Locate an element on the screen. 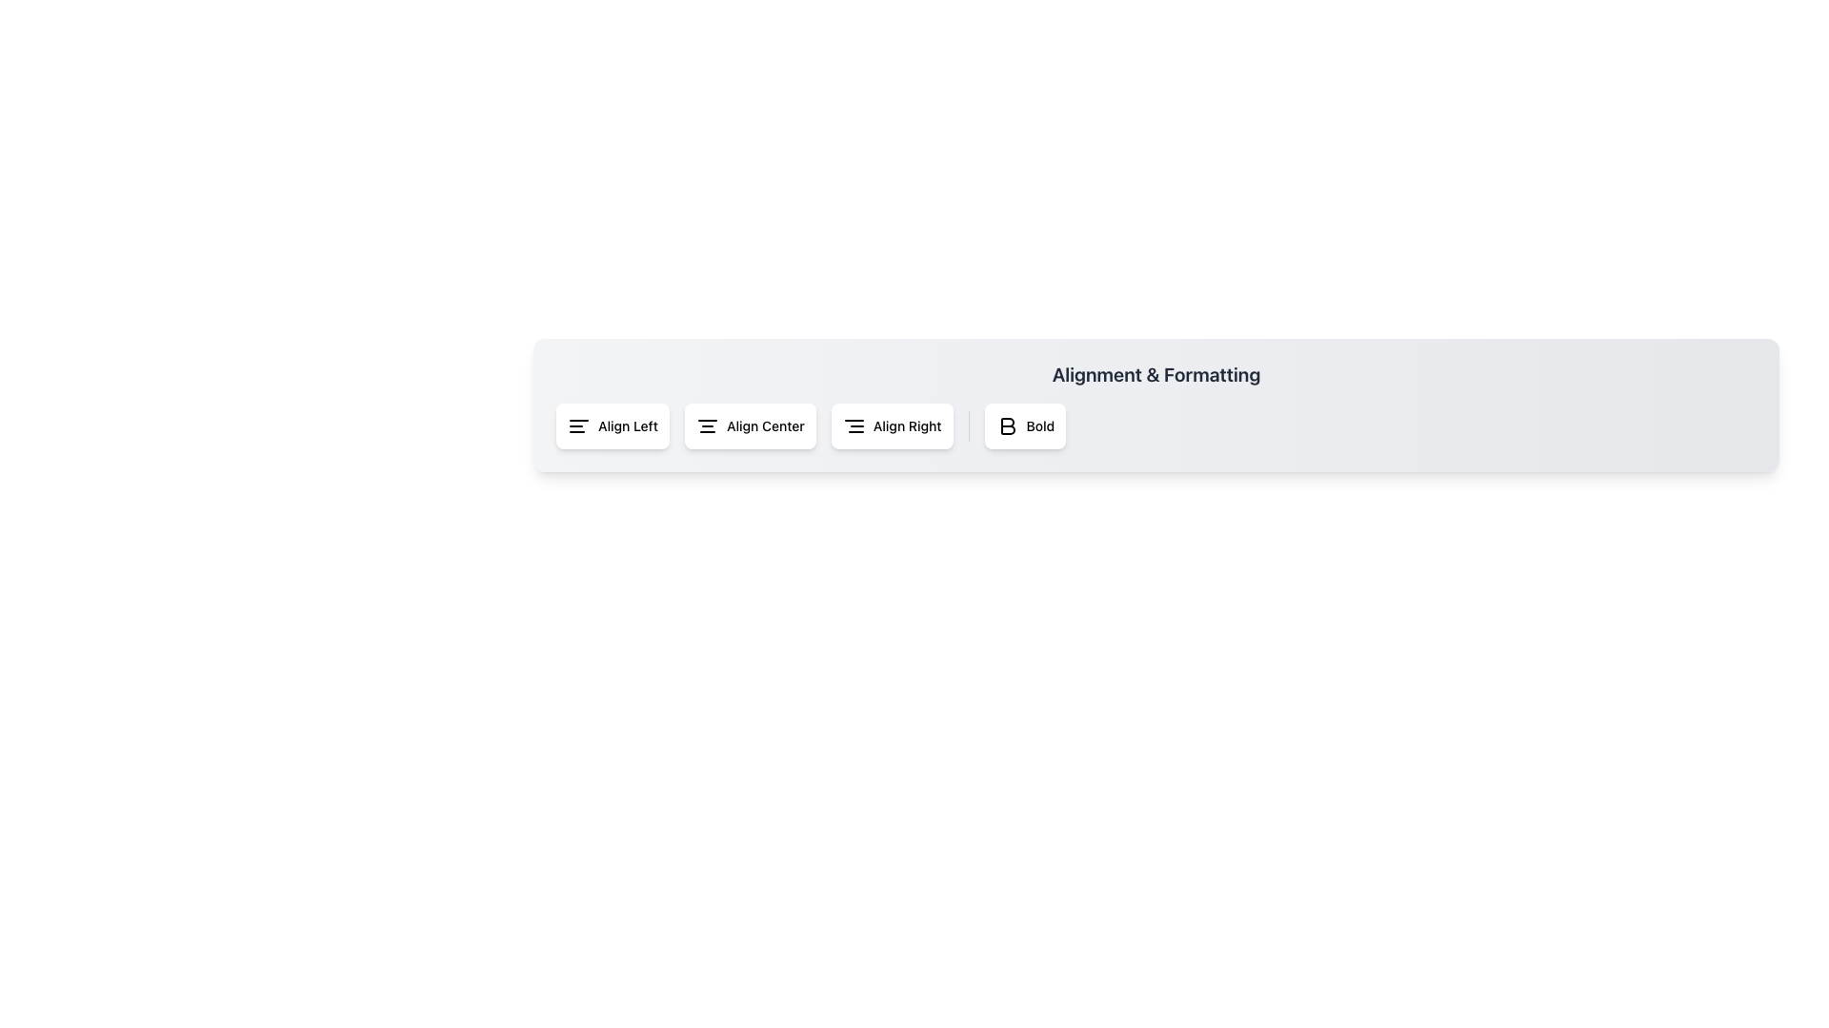  the 'Align Center' label in the text alignment toolbar, which is bold and medium-sized, located between 'Align Left' and 'Align Right' is located at coordinates (765, 425).